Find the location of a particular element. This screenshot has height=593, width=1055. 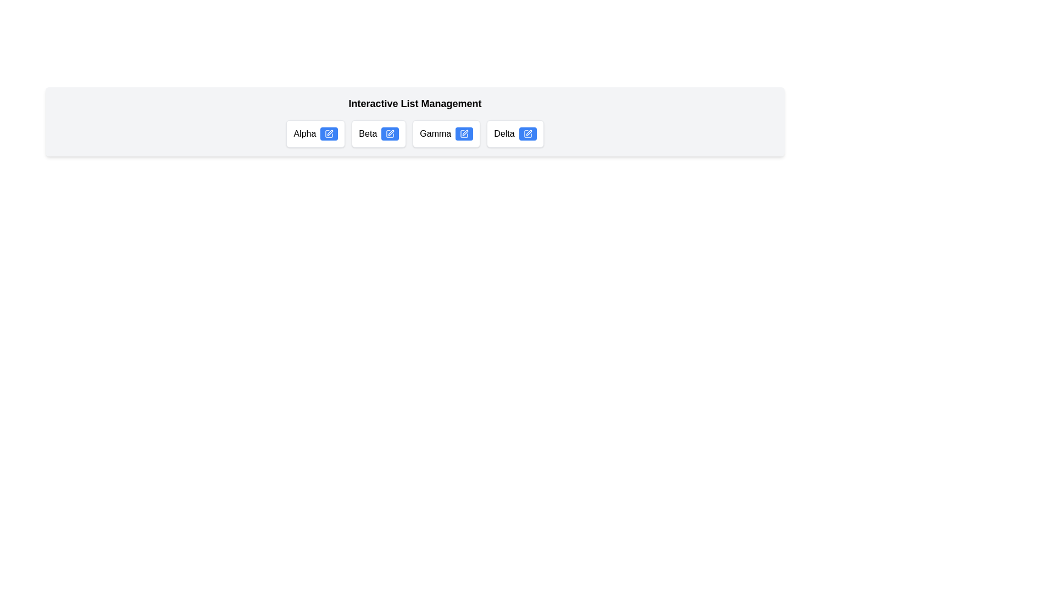

the left icon within the interactive button labeled 'Beta' is located at coordinates (390, 133).